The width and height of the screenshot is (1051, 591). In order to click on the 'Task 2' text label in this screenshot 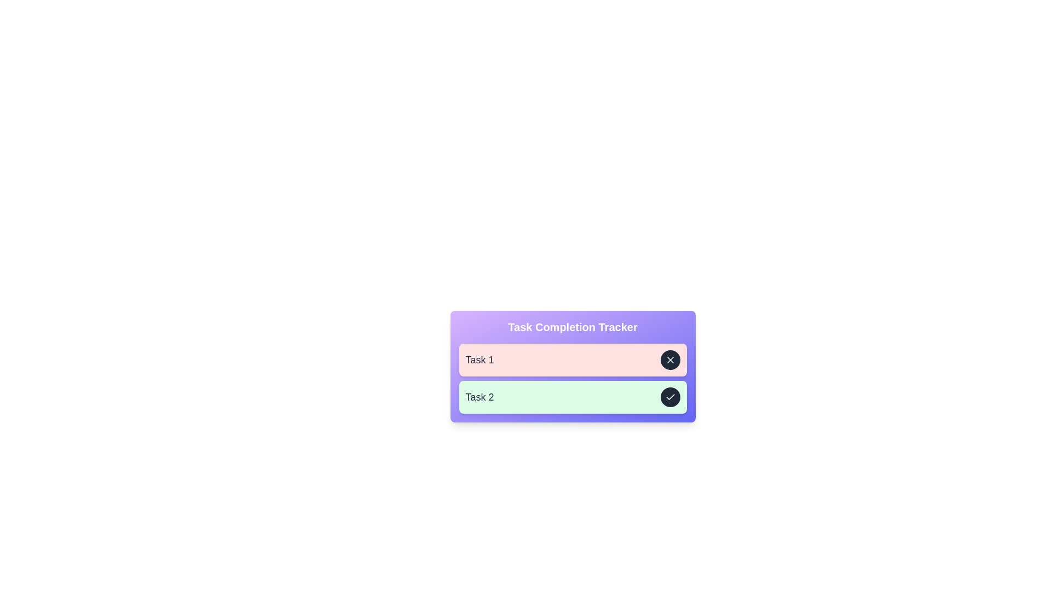, I will do `click(480, 397)`.